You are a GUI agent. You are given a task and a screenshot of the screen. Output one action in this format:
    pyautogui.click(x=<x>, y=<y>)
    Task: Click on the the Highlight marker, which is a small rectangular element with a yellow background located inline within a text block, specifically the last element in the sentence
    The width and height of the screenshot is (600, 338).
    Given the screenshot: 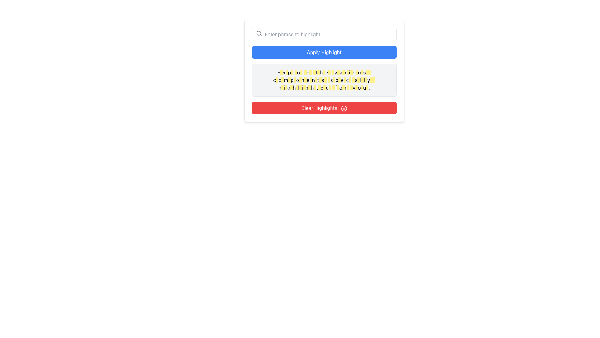 What is the action you would take?
    pyautogui.click(x=362, y=88)
    